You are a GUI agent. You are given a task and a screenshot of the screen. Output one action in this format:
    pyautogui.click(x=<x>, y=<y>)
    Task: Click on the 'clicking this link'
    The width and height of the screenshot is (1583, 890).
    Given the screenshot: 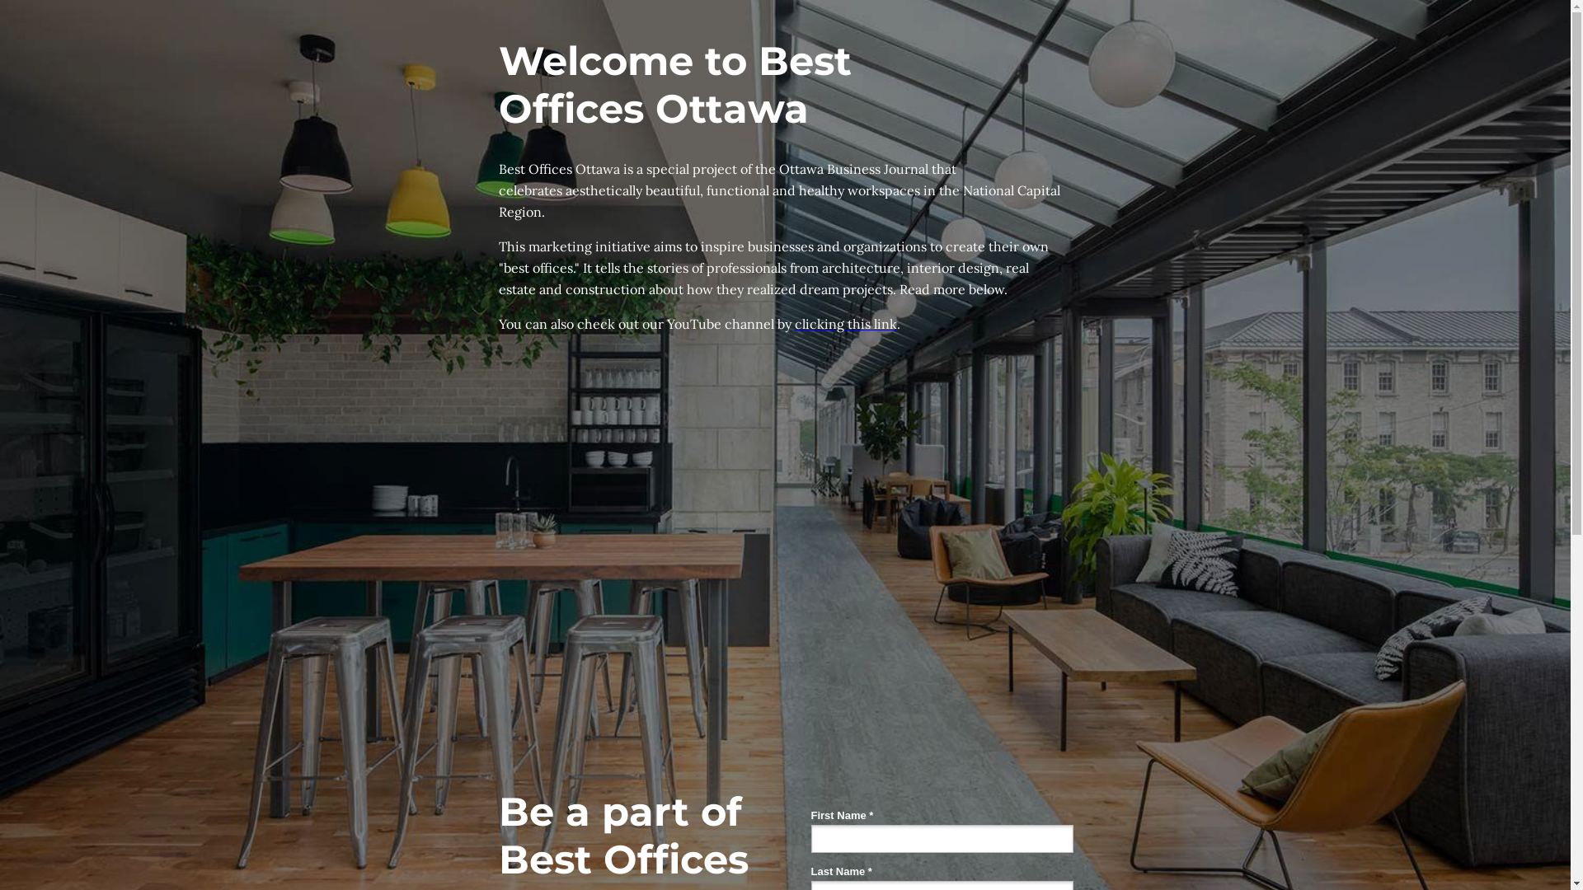 What is the action you would take?
    pyautogui.click(x=846, y=324)
    